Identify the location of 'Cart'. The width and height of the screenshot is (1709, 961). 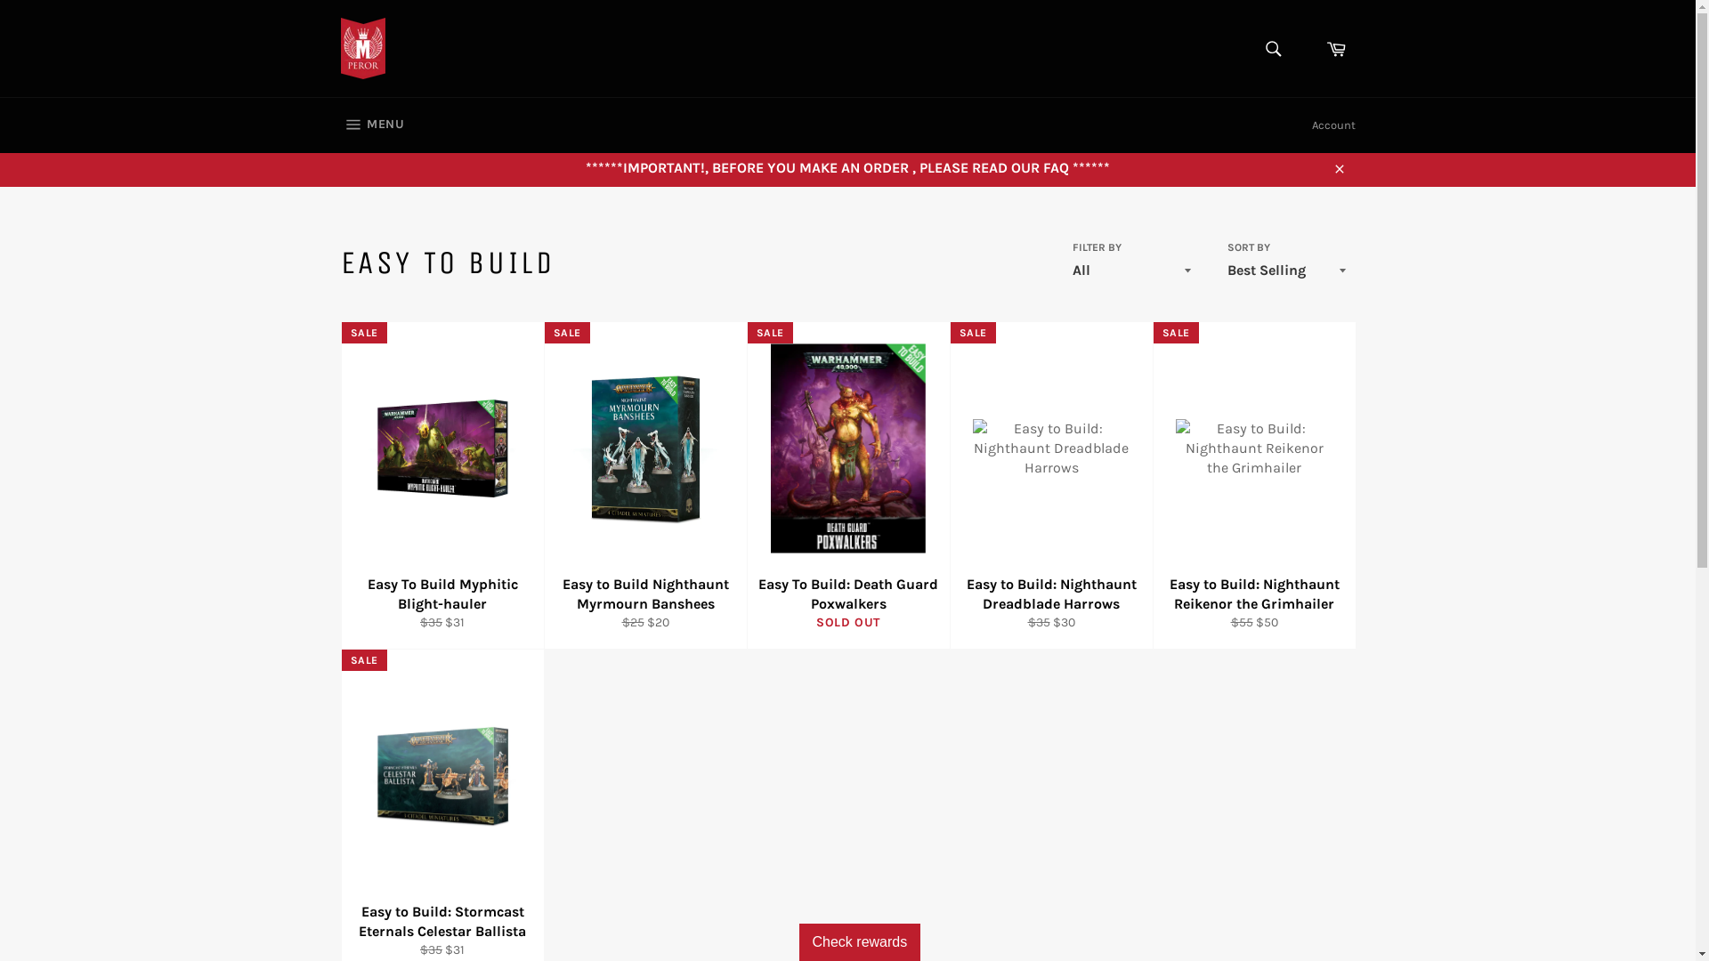
(1336, 47).